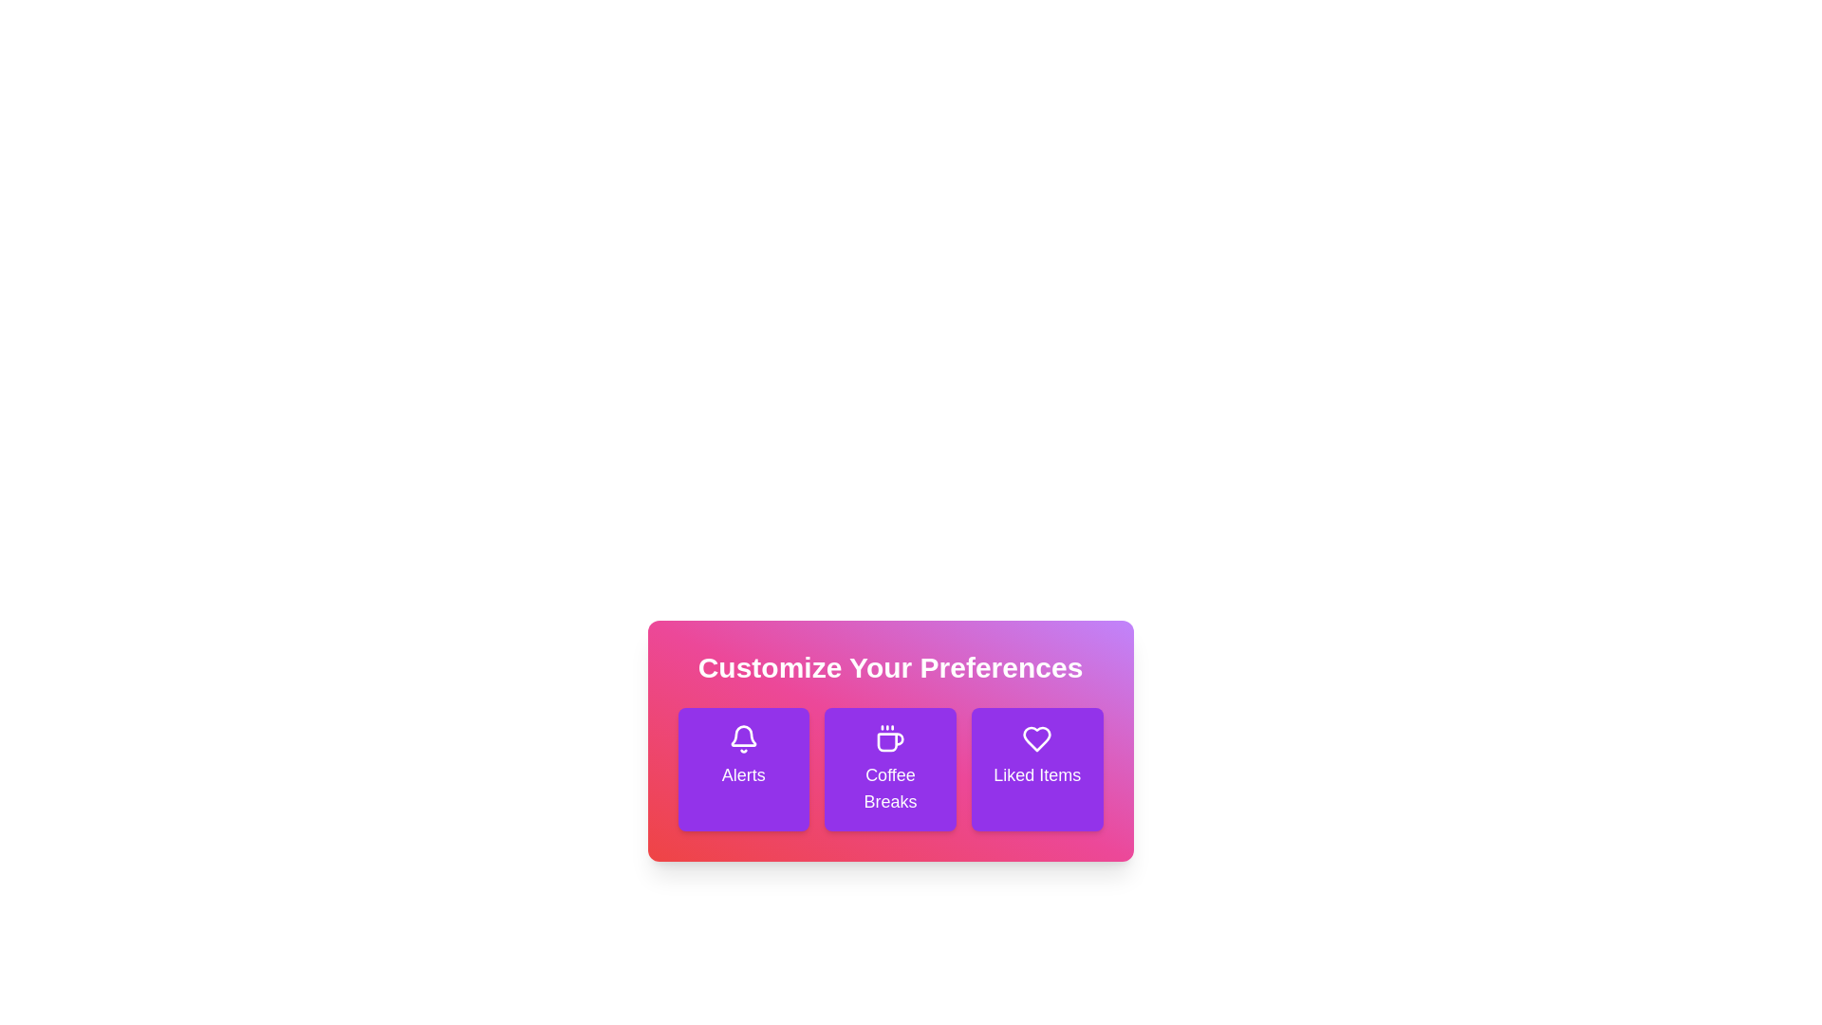 The height and width of the screenshot is (1025, 1822). I want to click on the SVG graphic icon representing the 'Liked Items' option located inside the 'Liked Items' button in the 'Customize Your Preferences' section, so click(1036, 738).